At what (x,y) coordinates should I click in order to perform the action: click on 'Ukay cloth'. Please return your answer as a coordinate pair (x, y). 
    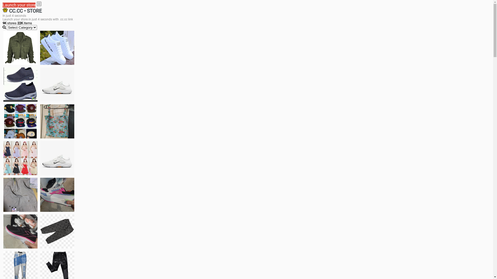
    Looking at the image, I should click on (40, 121).